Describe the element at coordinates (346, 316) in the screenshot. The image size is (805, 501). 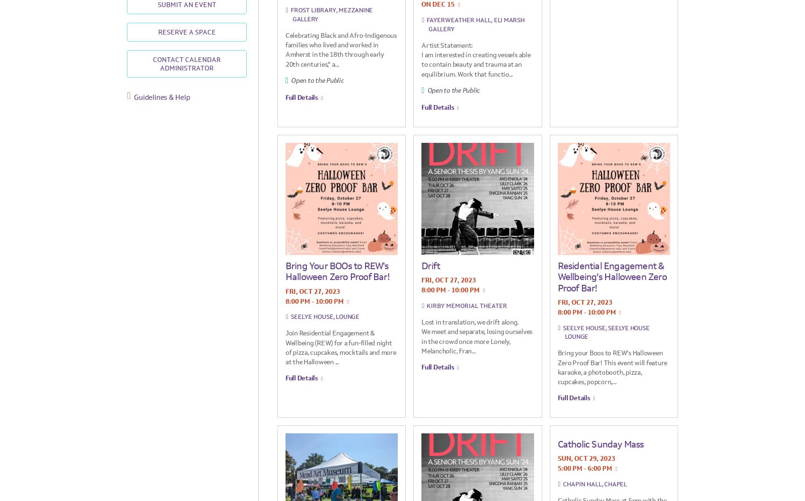
I see `', Lounge'` at that location.